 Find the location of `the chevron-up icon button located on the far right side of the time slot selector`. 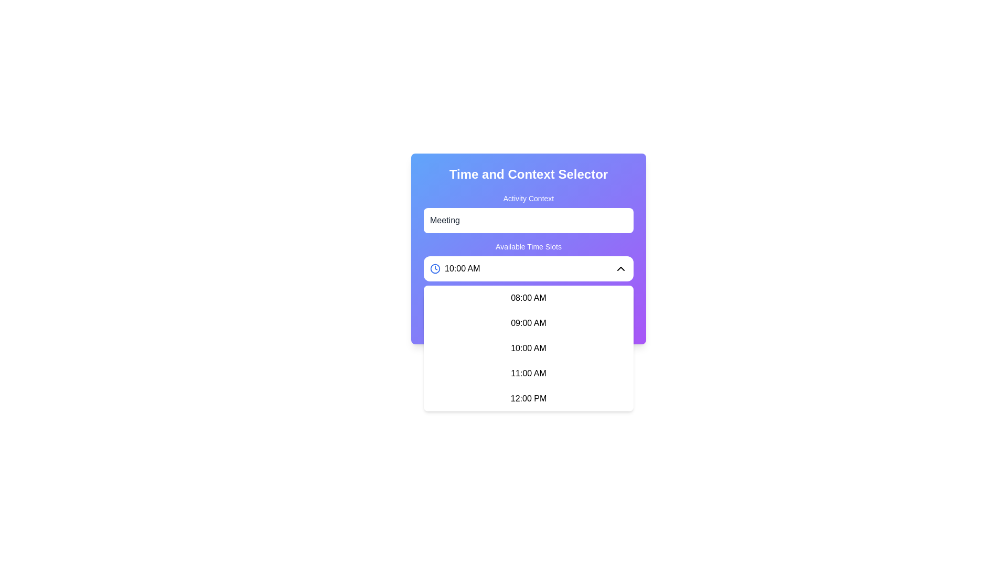

the chevron-up icon button located on the far right side of the time slot selector is located at coordinates (621, 268).